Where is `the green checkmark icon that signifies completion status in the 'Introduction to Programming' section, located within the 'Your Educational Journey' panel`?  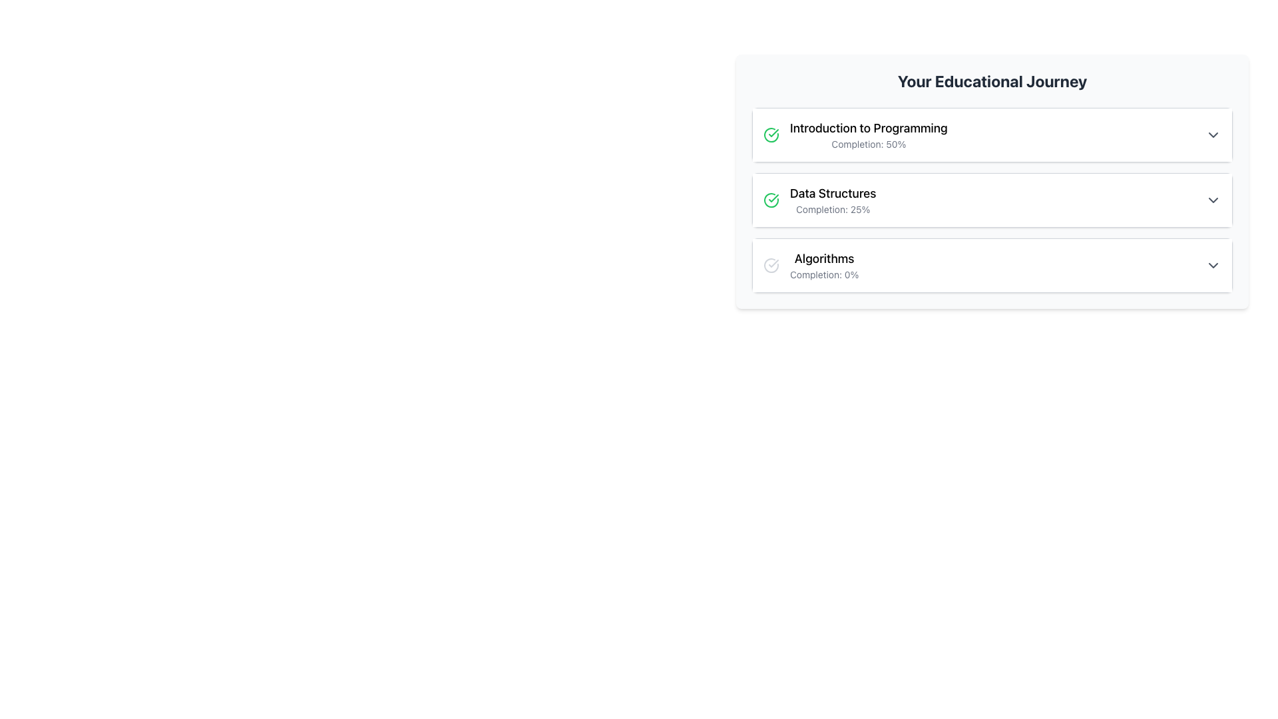 the green checkmark icon that signifies completion status in the 'Introduction to Programming' section, located within the 'Your Educational Journey' panel is located at coordinates (773, 198).